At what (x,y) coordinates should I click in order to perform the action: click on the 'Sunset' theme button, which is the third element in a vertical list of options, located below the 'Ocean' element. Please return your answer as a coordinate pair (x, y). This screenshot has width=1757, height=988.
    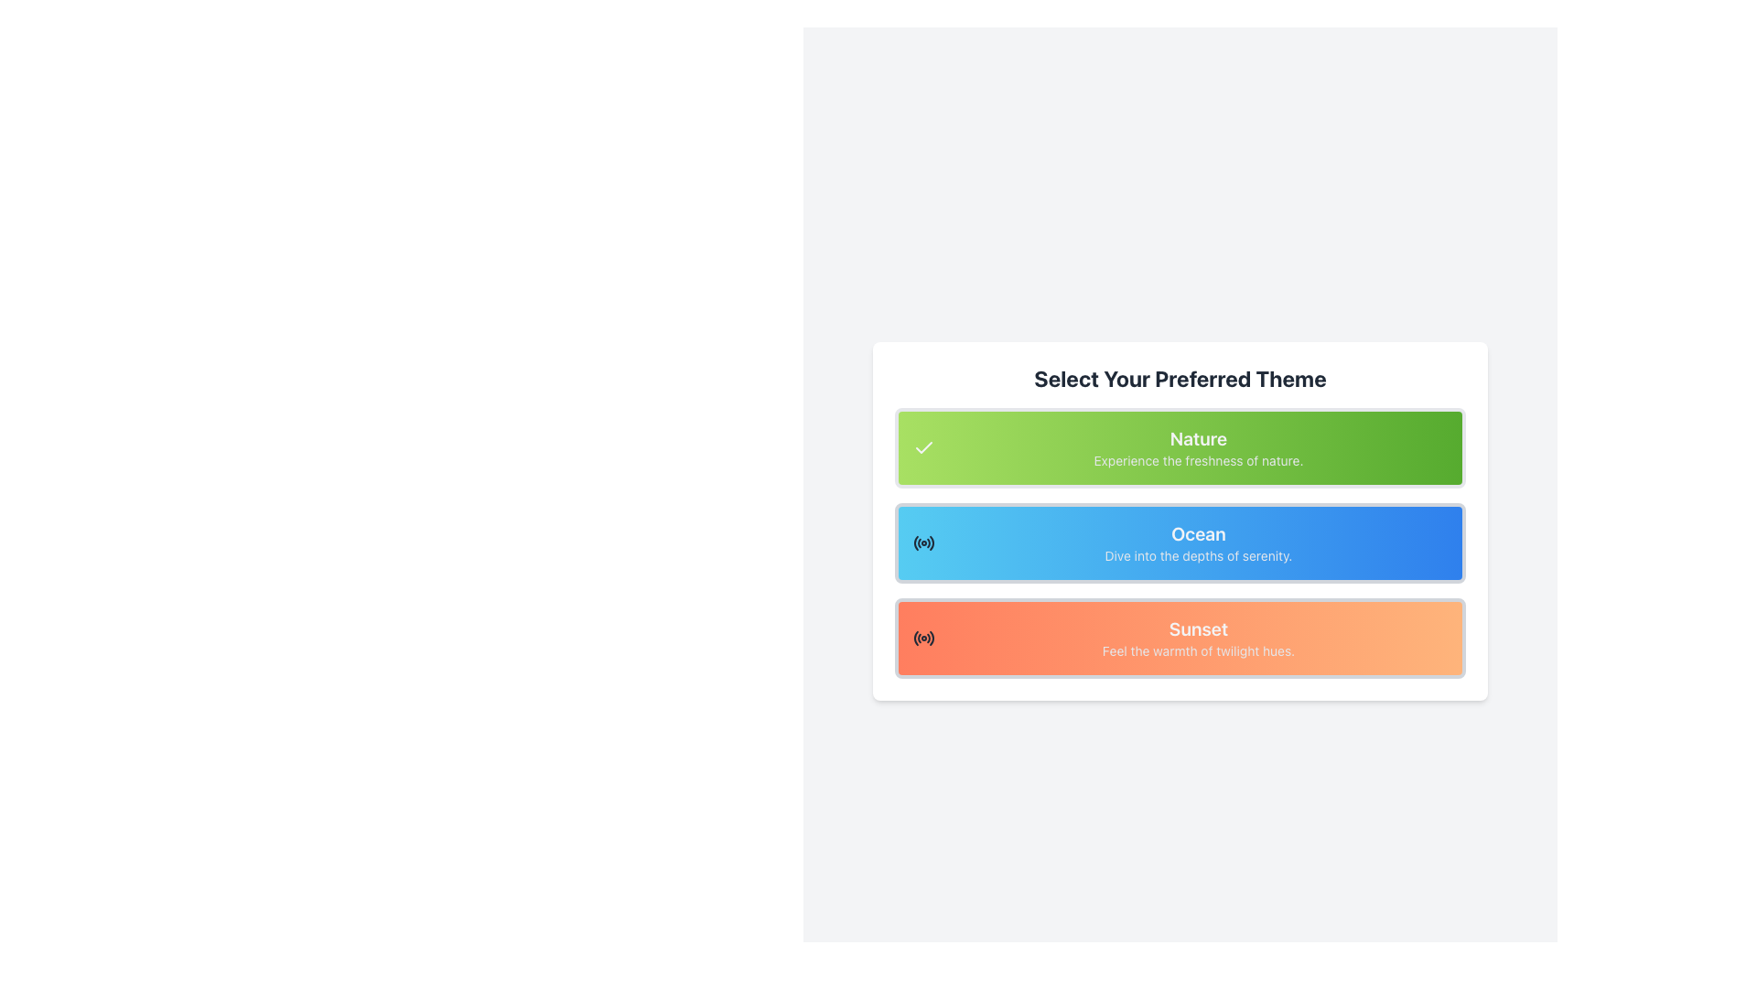
    Looking at the image, I should click on (1180, 638).